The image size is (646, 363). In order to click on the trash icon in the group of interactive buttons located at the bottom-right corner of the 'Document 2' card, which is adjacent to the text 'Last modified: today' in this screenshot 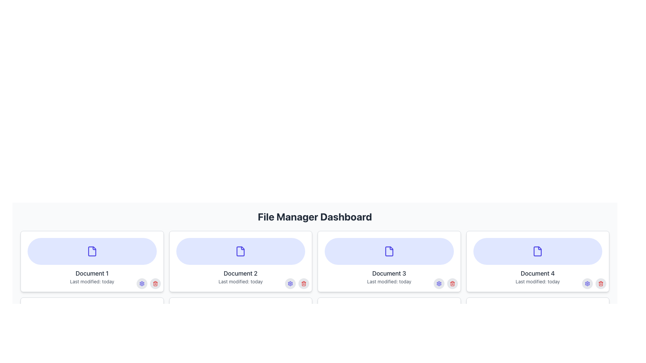, I will do `click(297, 284)`.